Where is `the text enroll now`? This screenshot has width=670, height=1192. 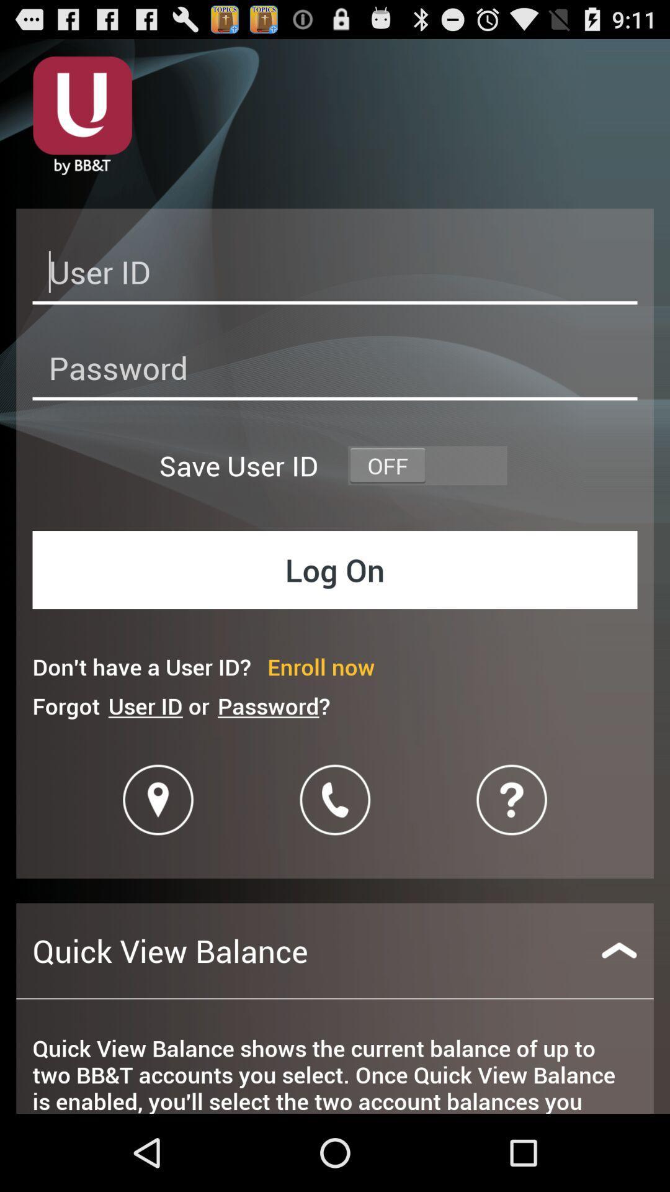
the text enroll now is located at coordinates (320, 666).